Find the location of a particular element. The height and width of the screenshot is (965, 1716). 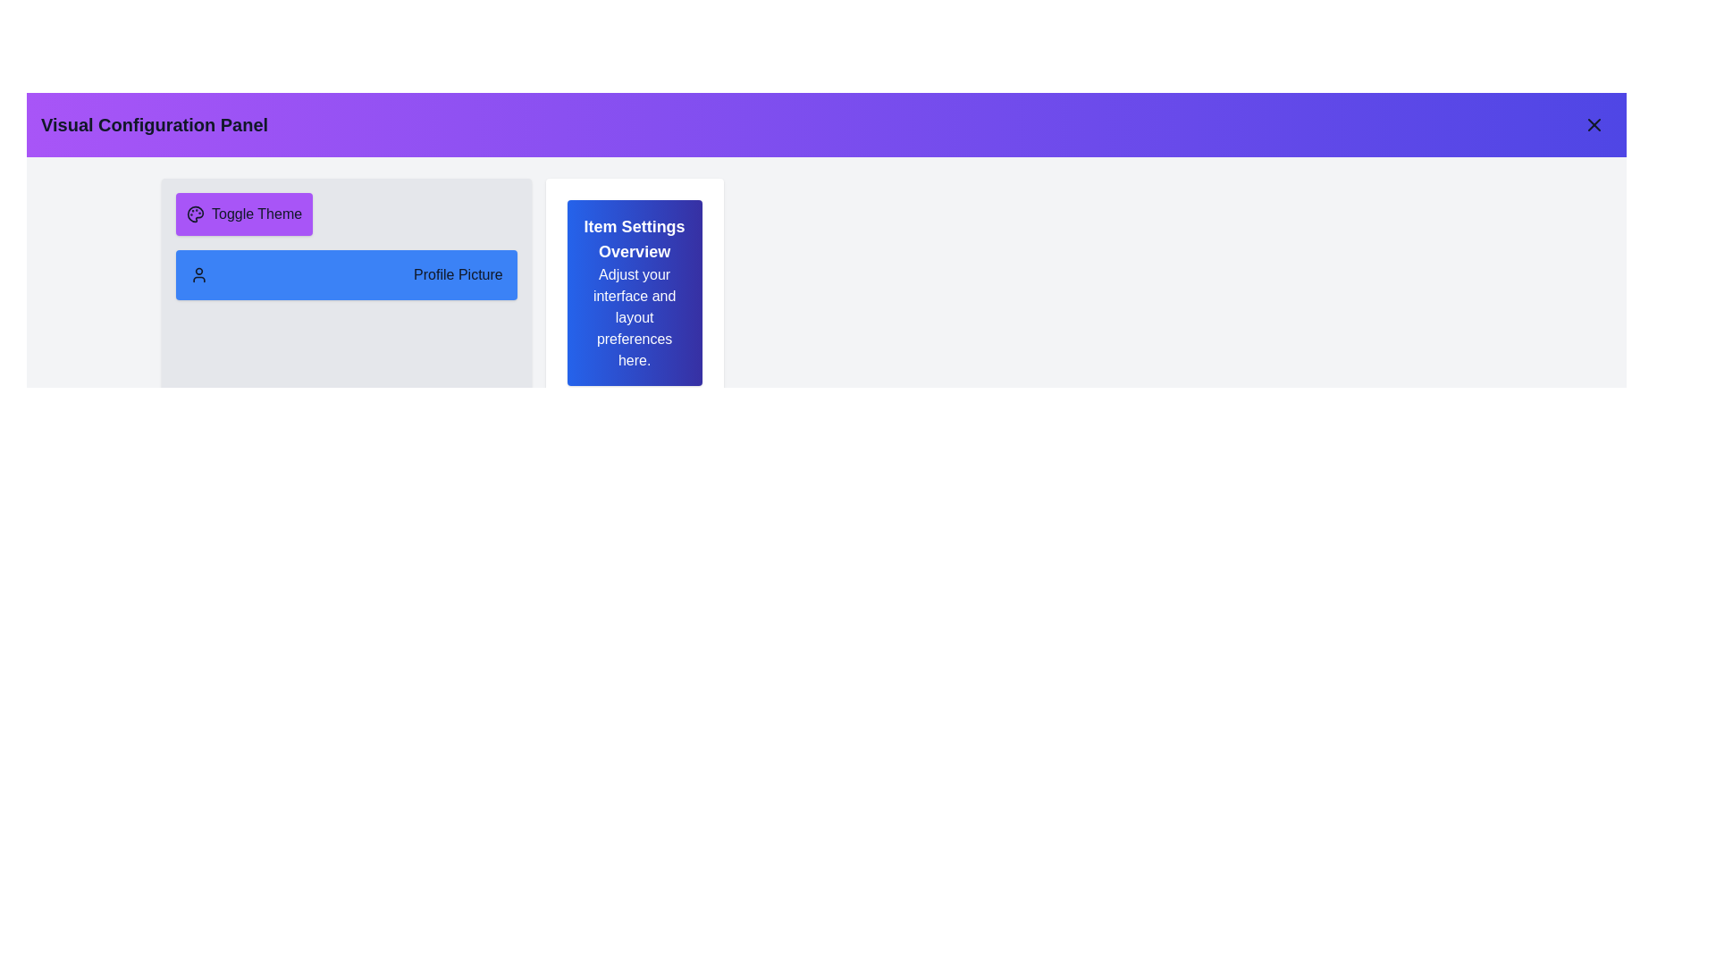

the informational card located in the main content area on the right side of the interface, which provides an overview and access point for adjusting item settings and layout preferences is located at coordinates (635, 291).